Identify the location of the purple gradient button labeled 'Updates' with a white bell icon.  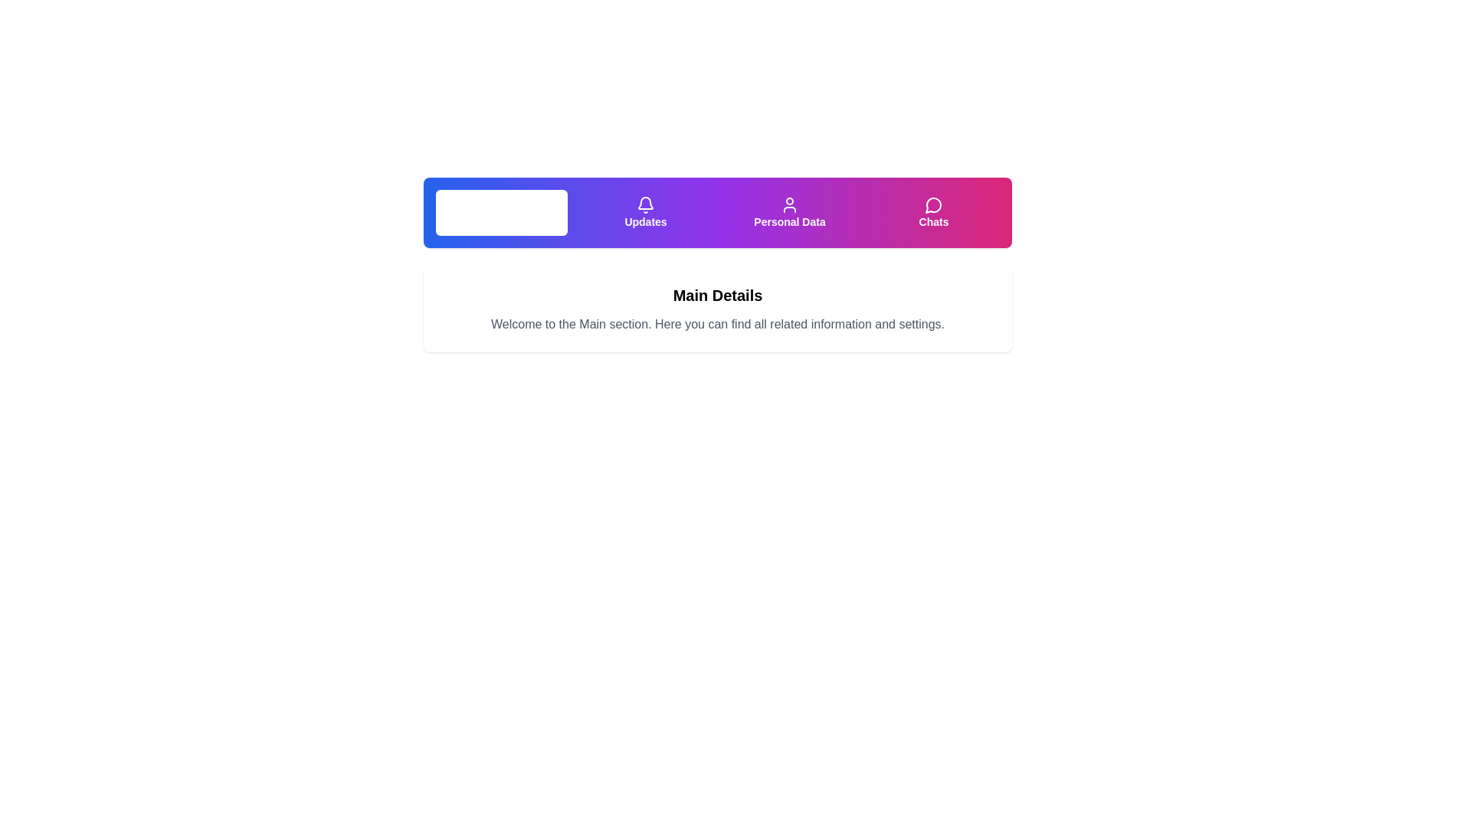
(646, 212).